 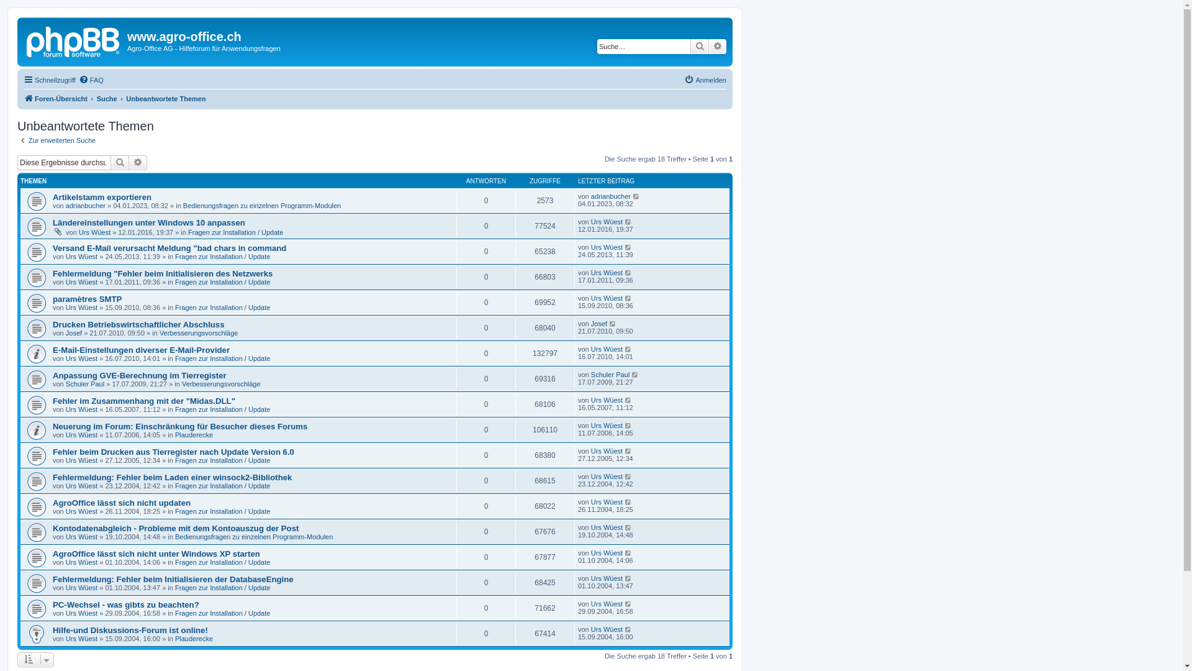 What do you see at coordinates (102, 196) in the screenshot?
I see `'Artikelstamm exportieren'` at bounding box center [102, 196].